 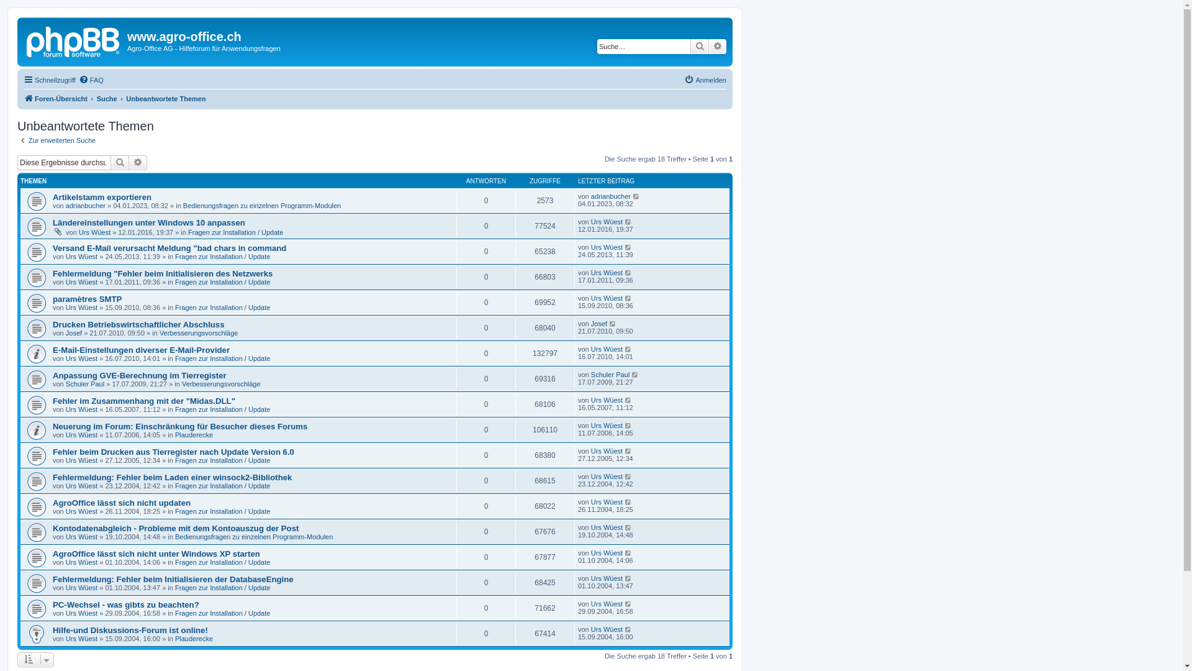 What do you see at coordinates (102, 196) in the screenshot?
I see `'Artikelstamm exportieren'` at bounding box center [102, 196].